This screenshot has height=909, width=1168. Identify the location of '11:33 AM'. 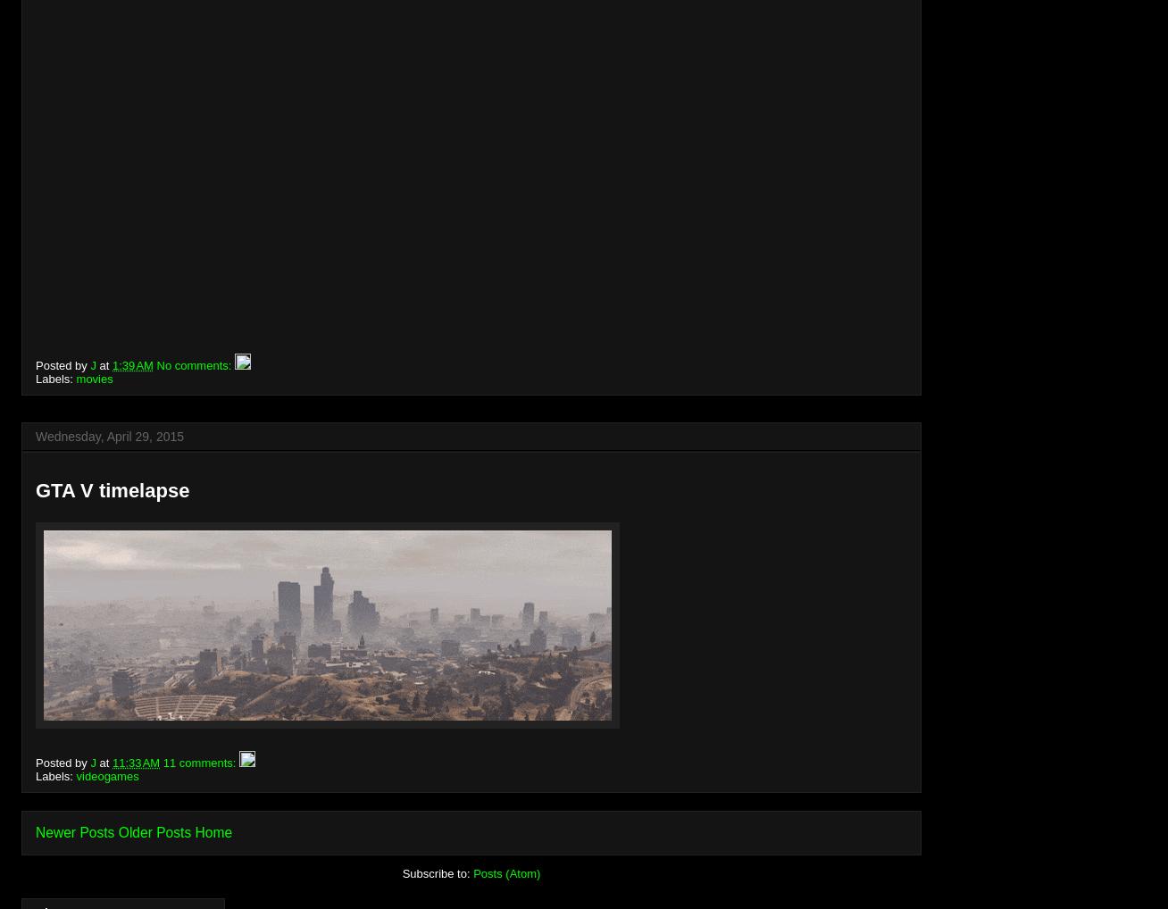
(135, 761).